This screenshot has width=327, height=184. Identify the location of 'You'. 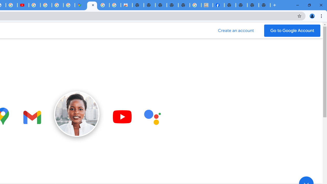
(312, 16).